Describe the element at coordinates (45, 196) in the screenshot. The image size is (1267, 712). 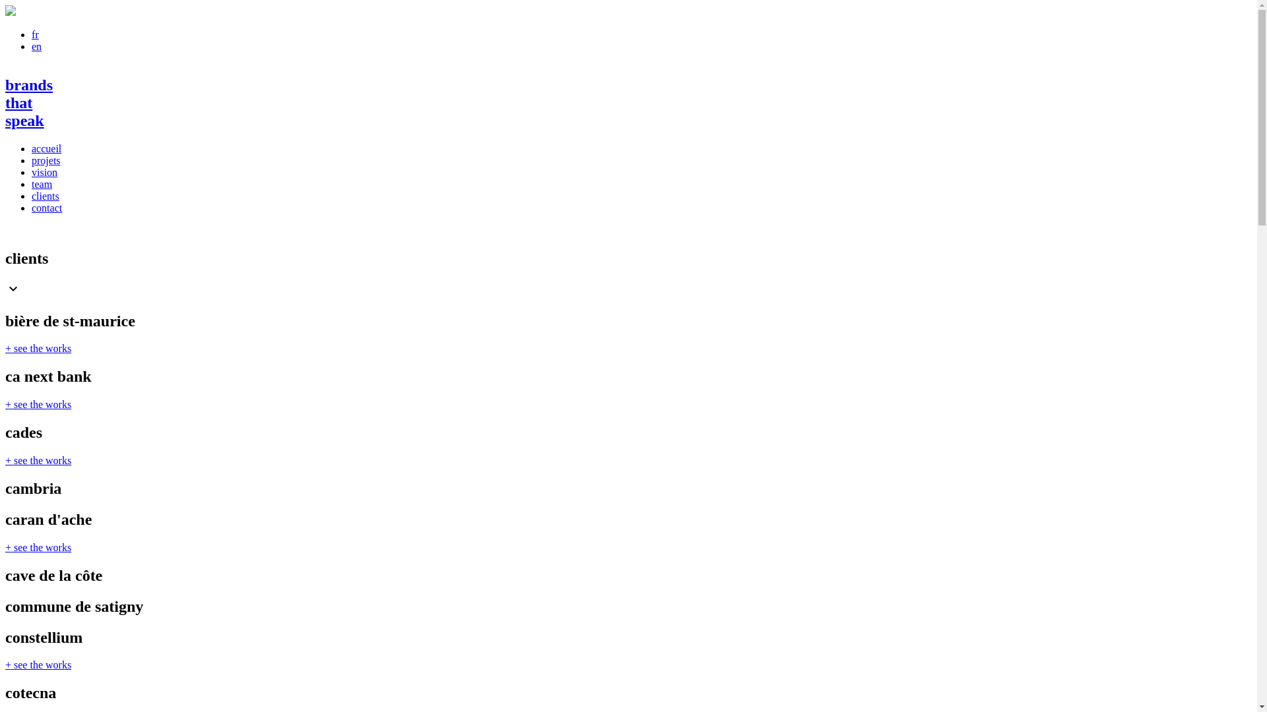
I see `'clients'` at that location.